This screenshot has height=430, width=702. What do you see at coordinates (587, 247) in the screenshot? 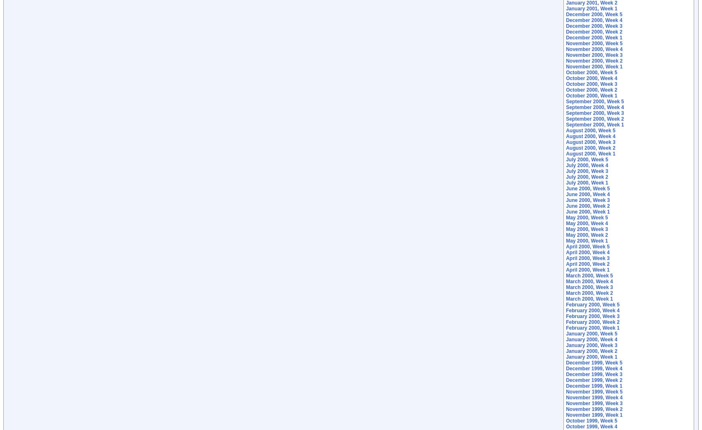
I see `'April 2000, Week 5'` at bounding box center [587, 247].